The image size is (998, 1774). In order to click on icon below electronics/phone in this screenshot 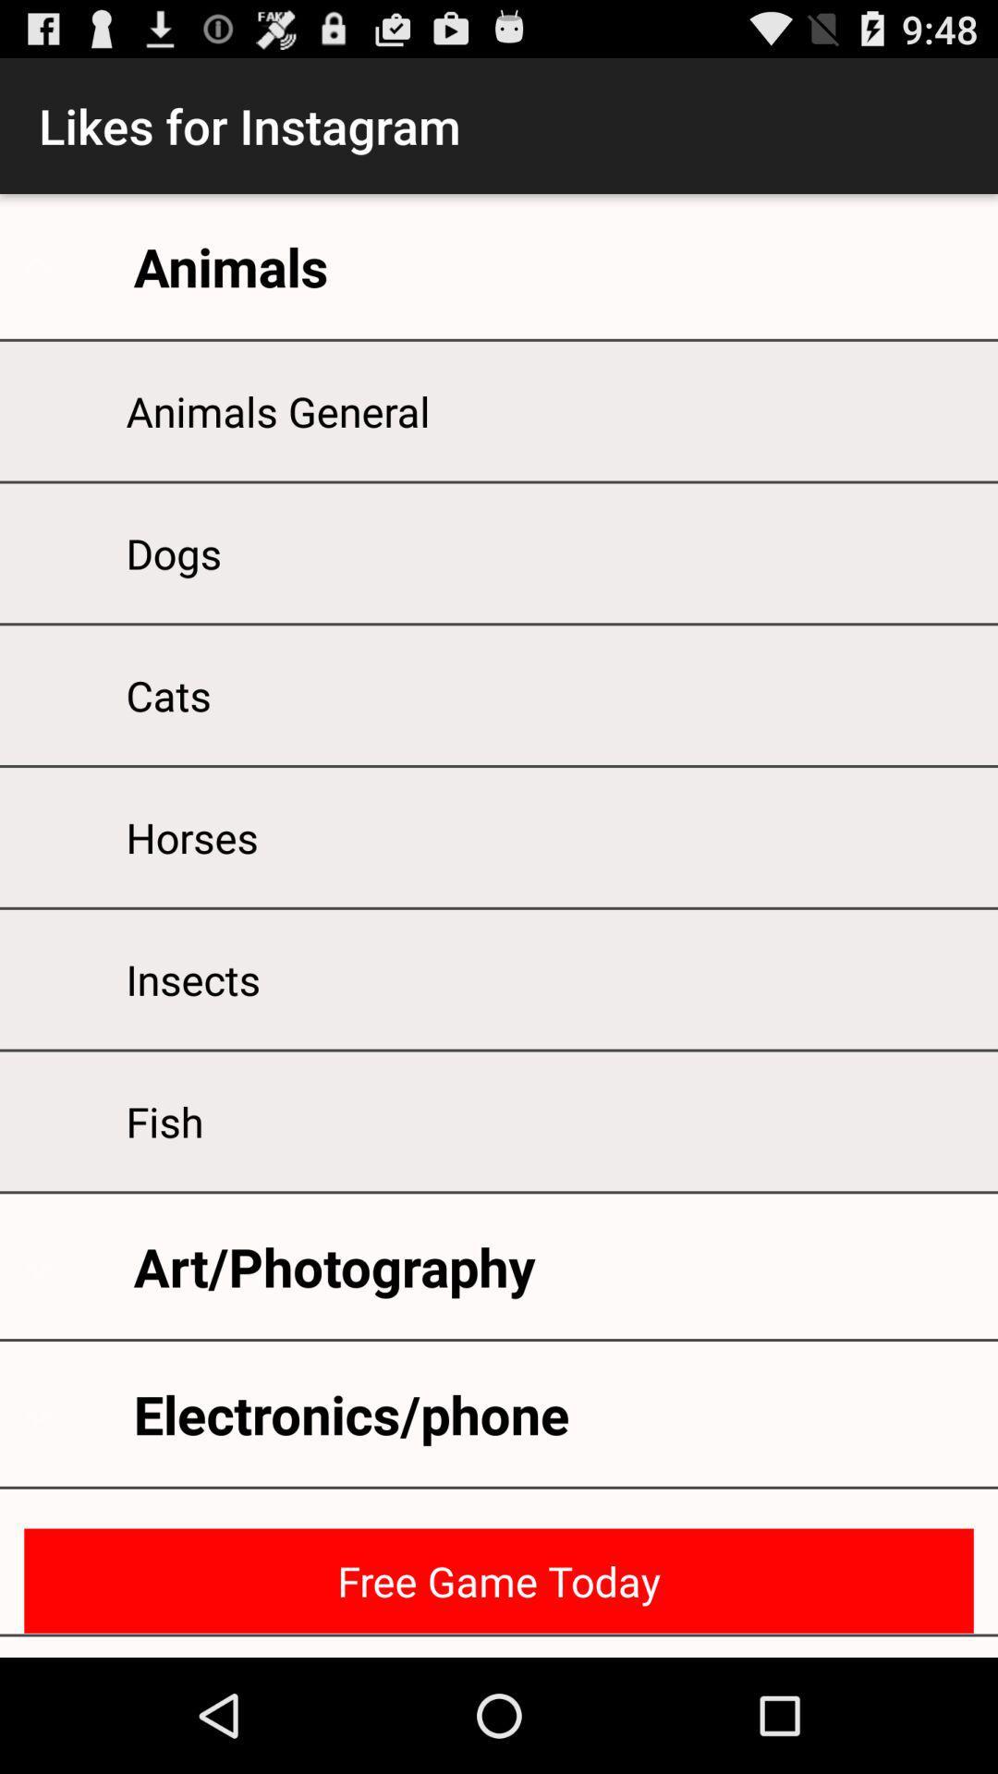, I will do `click(499, 1580)`.